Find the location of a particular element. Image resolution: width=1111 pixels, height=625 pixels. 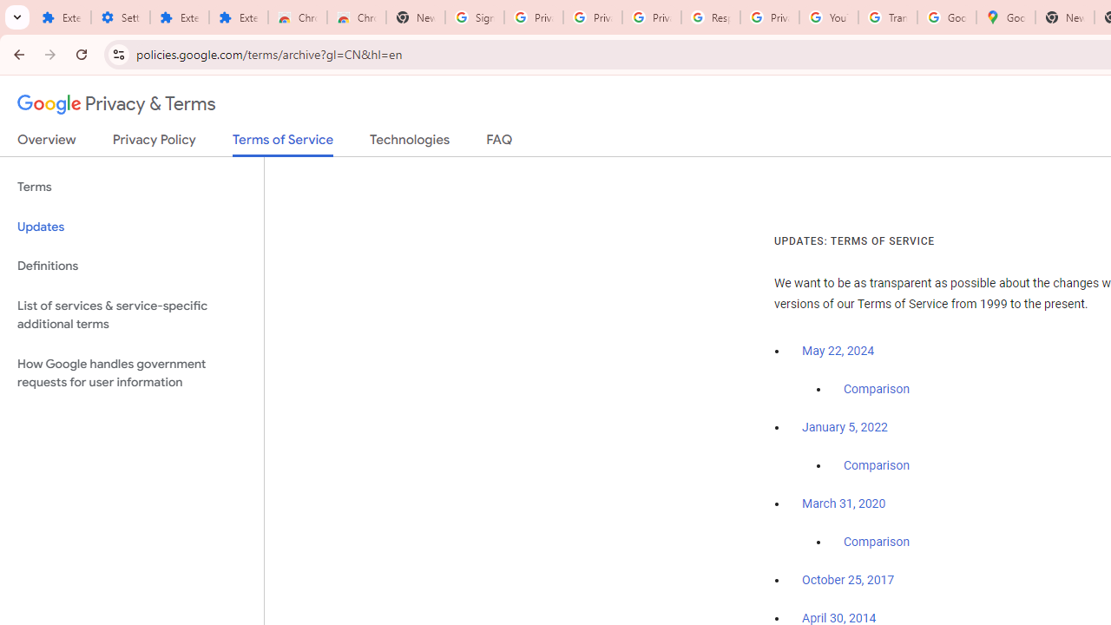

'Extensions' is located at coordinates (179, 17).